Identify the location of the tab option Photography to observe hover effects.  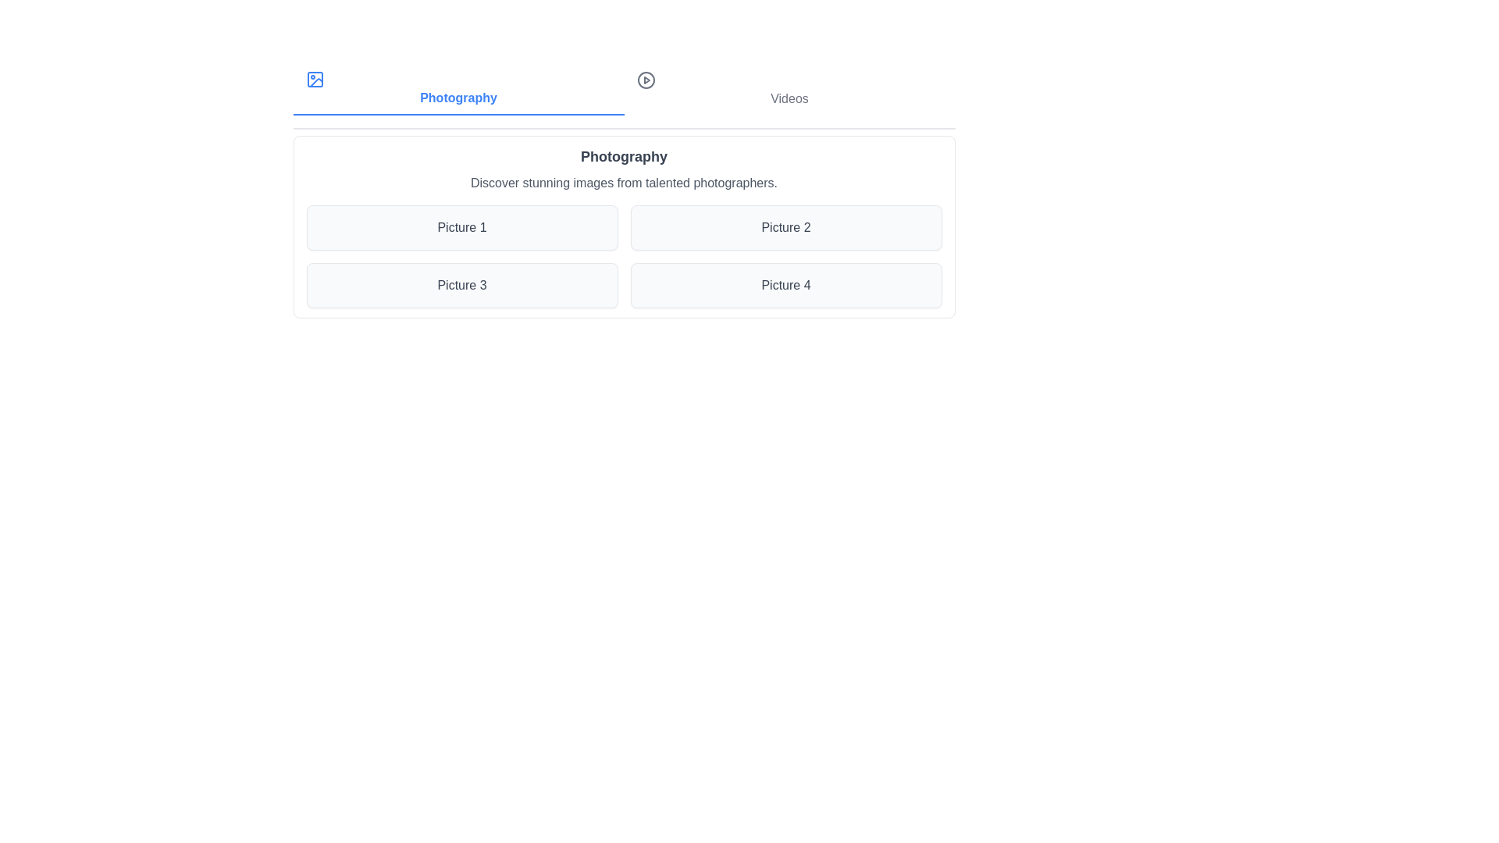
(458, 90).